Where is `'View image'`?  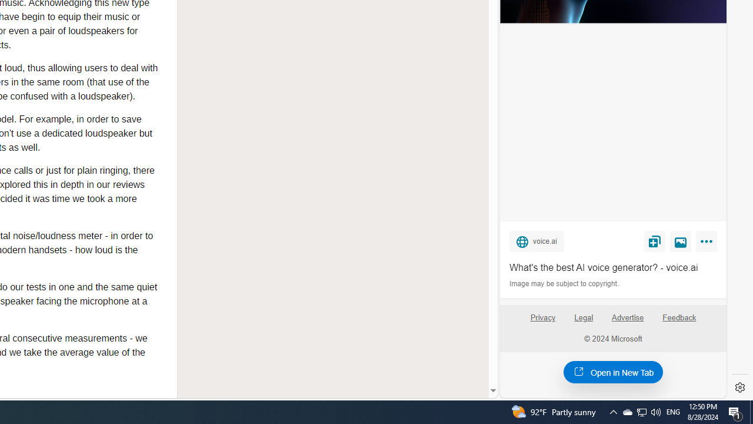 'View image' is located at coordinates (681, 240).